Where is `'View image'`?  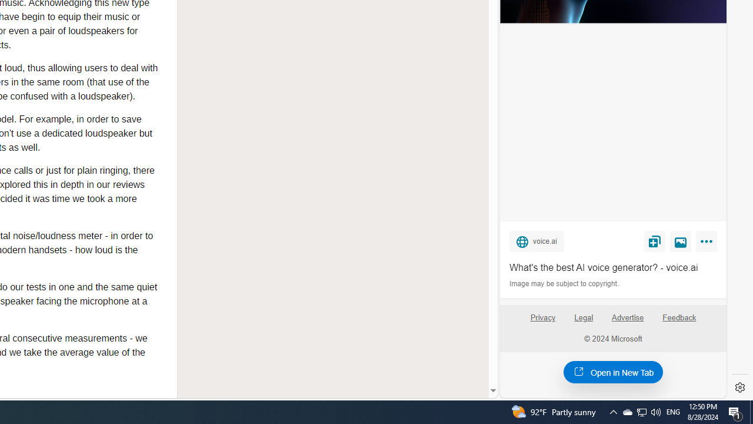 'View image' is located at coordinates (681, 240).